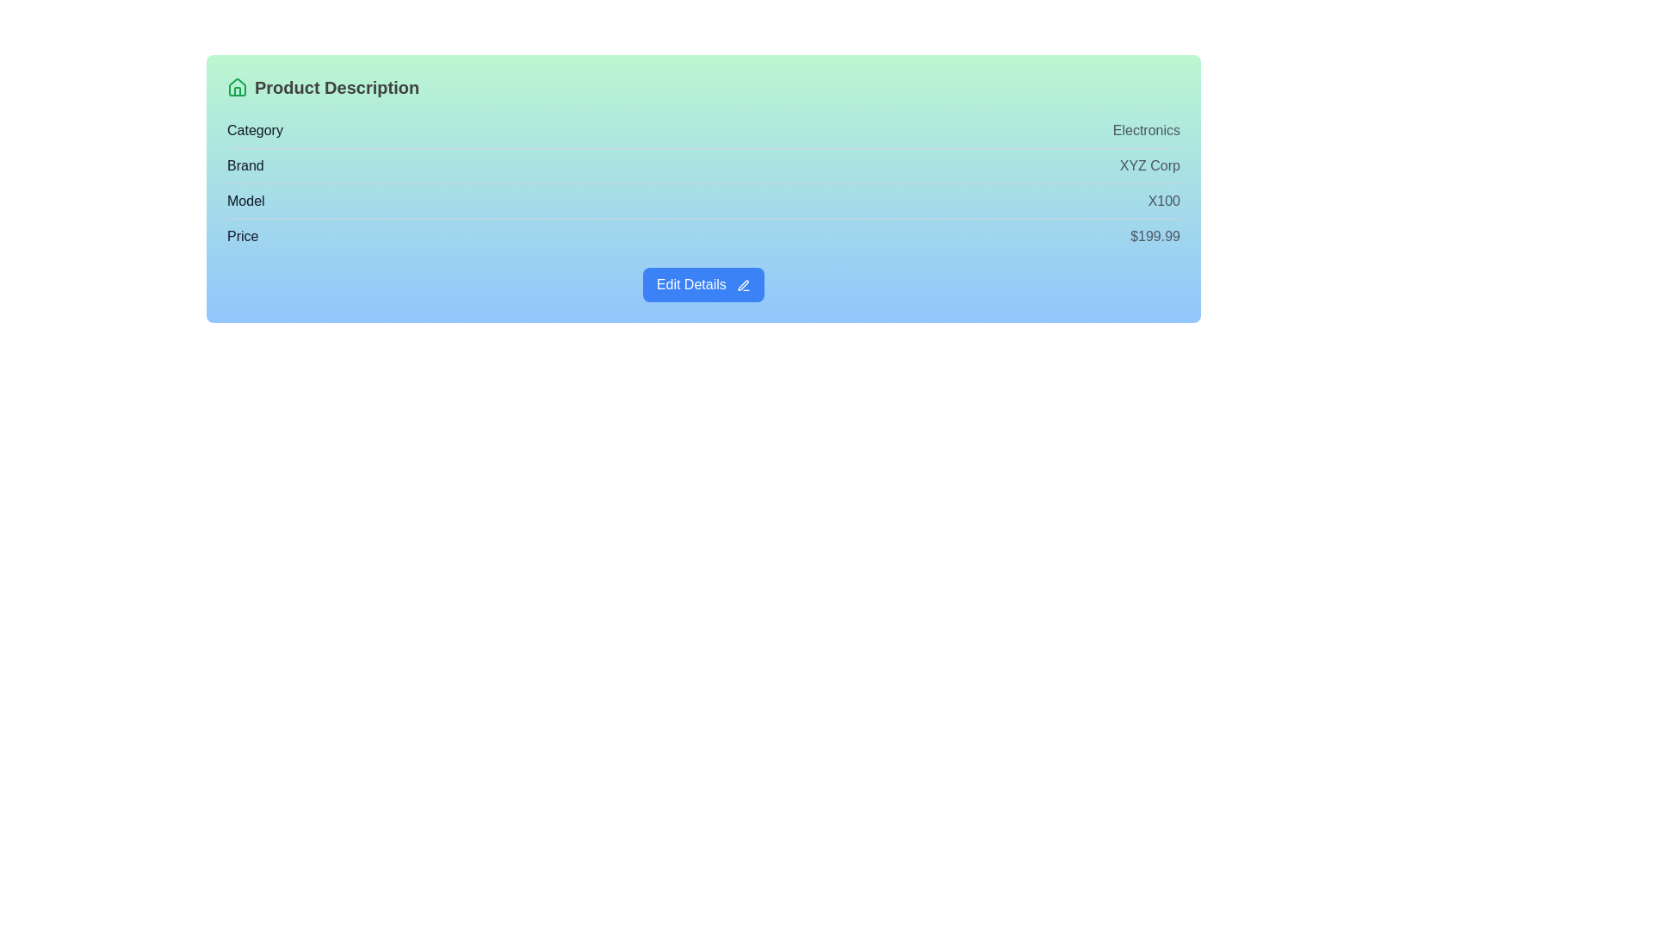  Describe the element at coordinates (245, 201) in the screenshot. I see `the label indicating the model of the product located in the left section of the row labeled 'ModelX100' under the header 'Product Description'` at that location.